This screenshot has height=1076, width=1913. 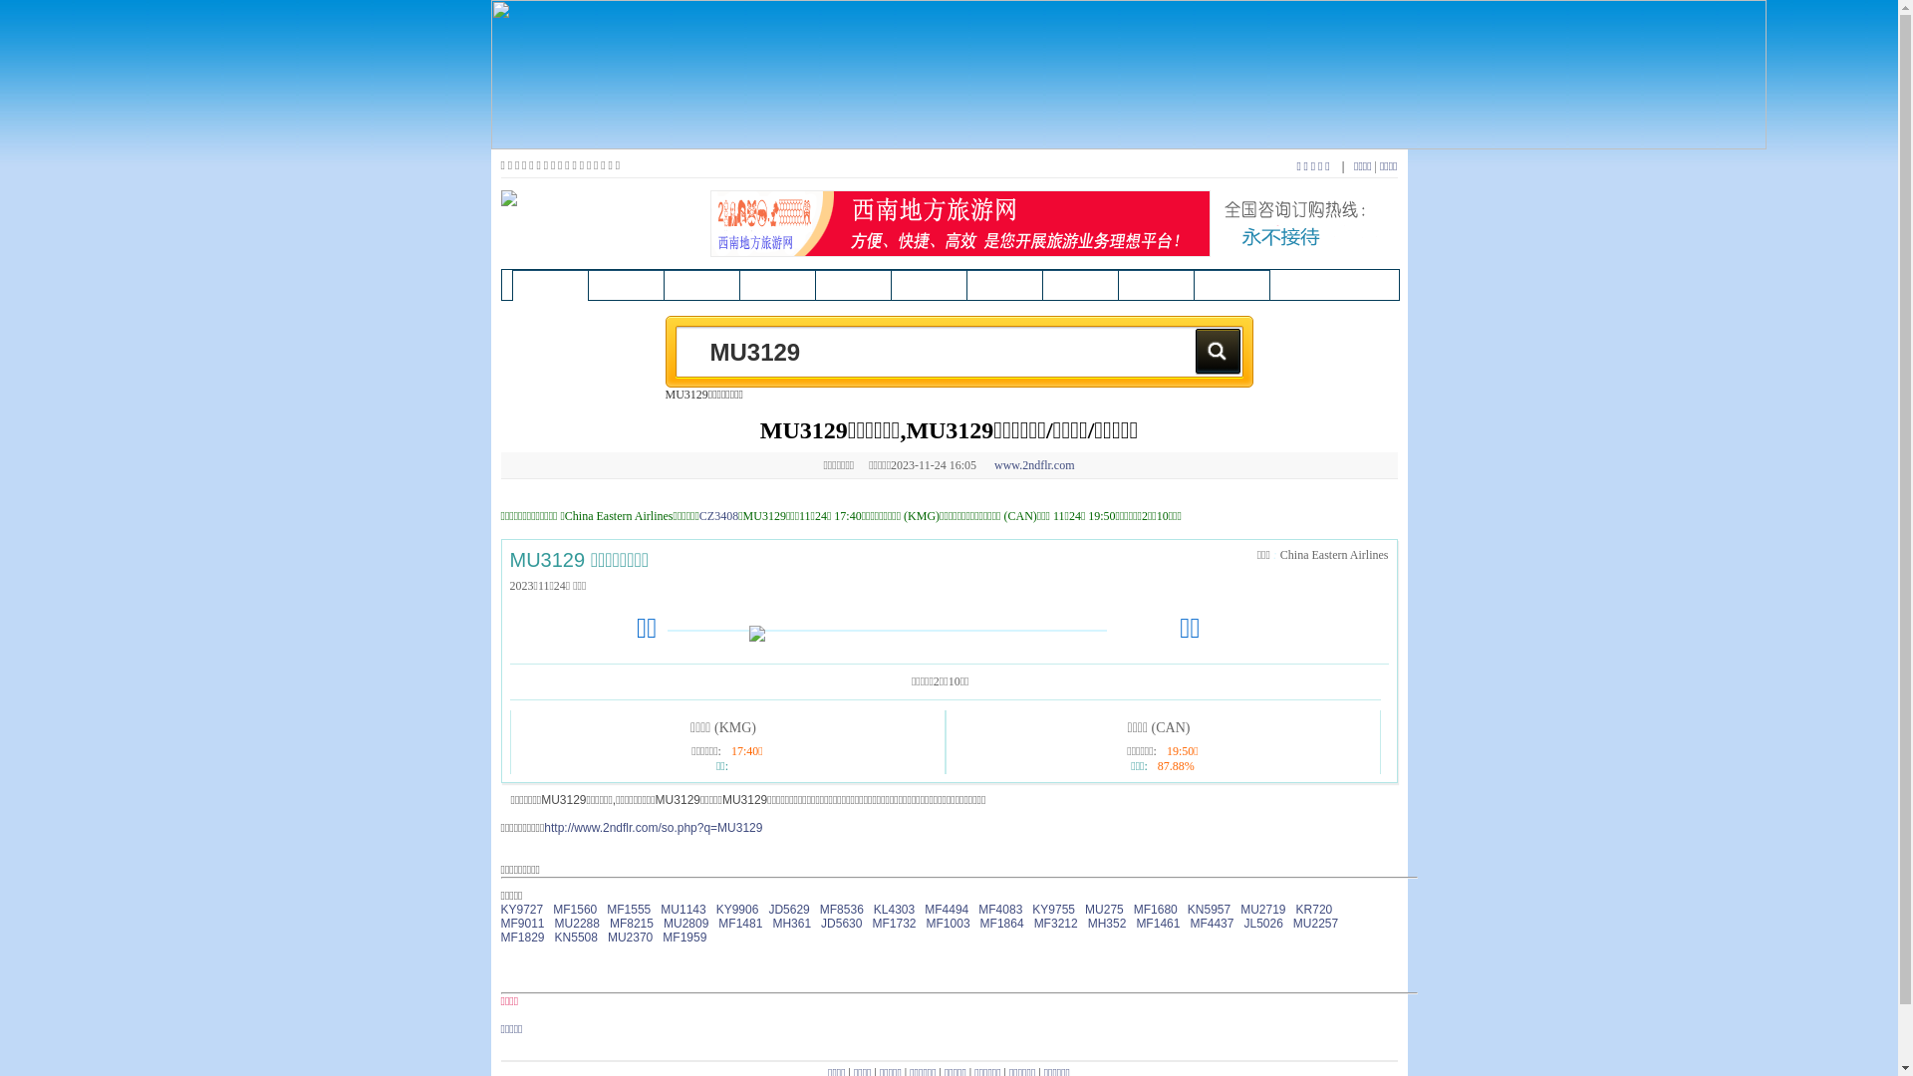 I want to click on 'MF1959', so click(x=683, y=938).